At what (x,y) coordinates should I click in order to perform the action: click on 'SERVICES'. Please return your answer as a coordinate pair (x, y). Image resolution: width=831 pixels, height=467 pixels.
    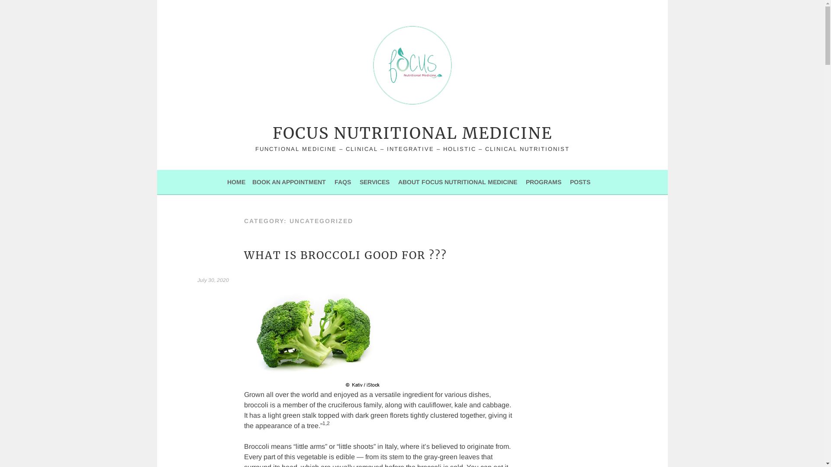
    Looking at the image, I should click on (359, 181).